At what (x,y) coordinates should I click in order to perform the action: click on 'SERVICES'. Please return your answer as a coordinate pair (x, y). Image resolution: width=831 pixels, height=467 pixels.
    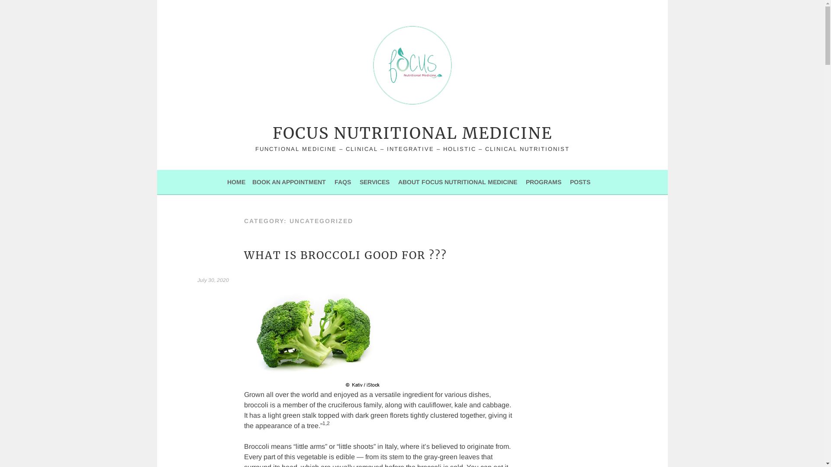
    Looking at the image, I should click on (359, 181).